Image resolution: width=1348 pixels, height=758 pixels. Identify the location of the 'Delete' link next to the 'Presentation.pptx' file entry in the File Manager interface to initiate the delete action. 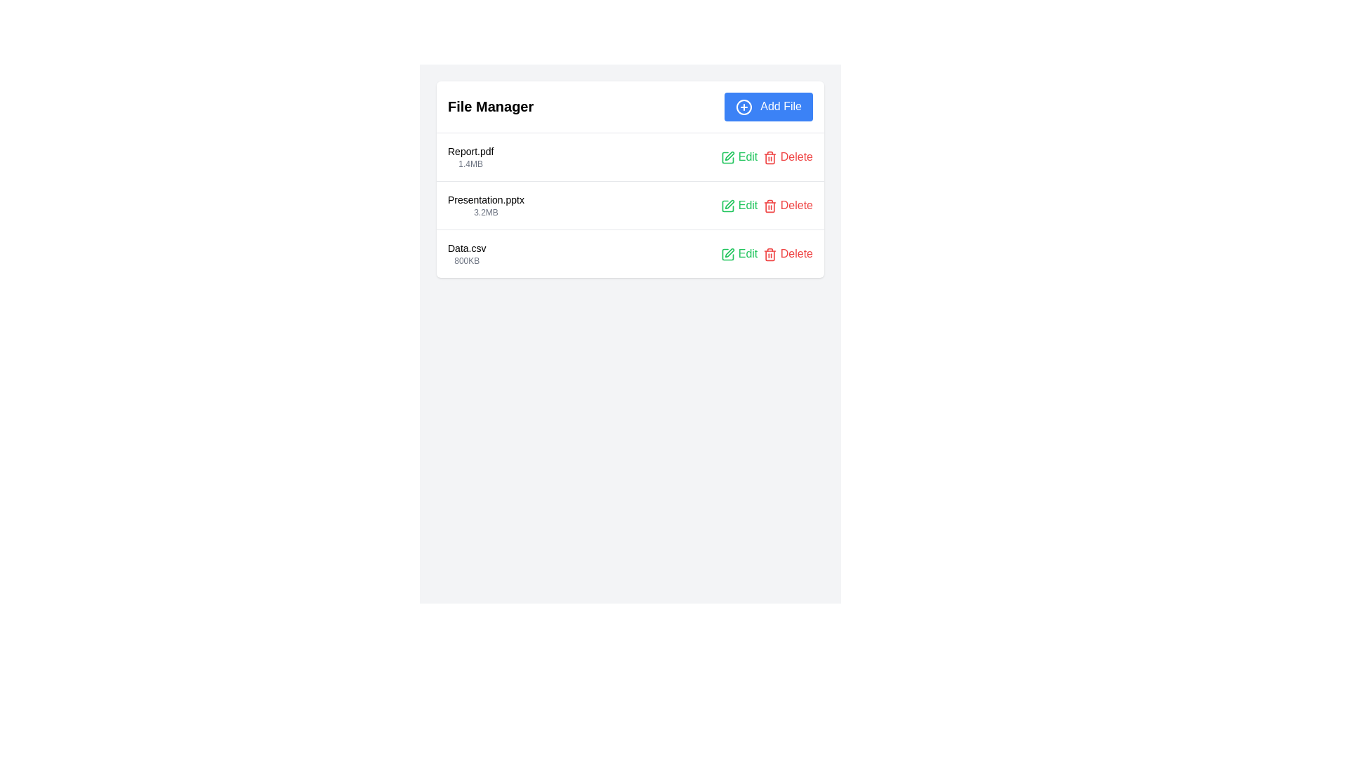
(788, 205).